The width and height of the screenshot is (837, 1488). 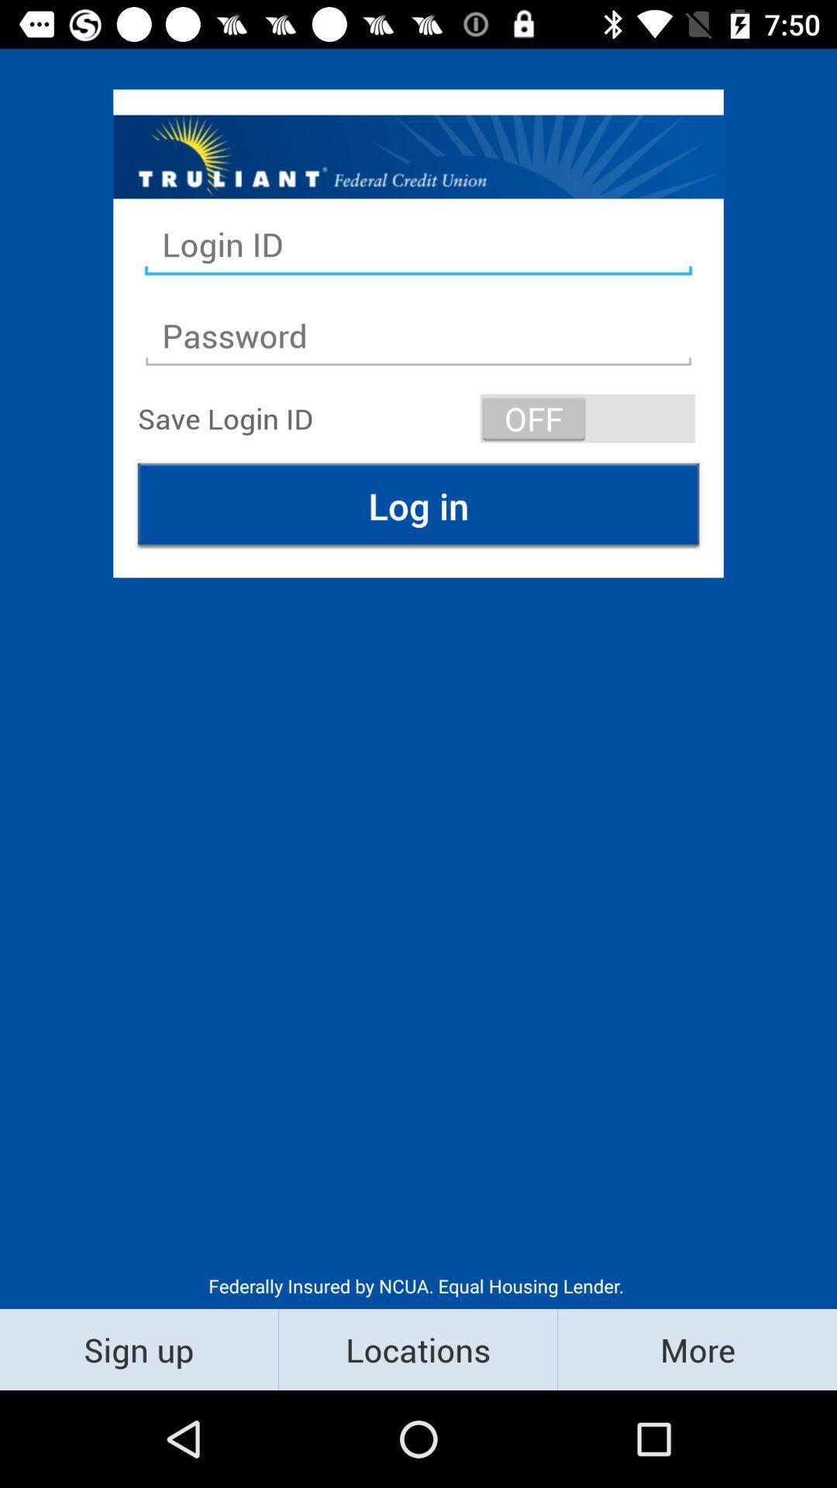 I want to click on sign up, so click(x=138, y=1348).